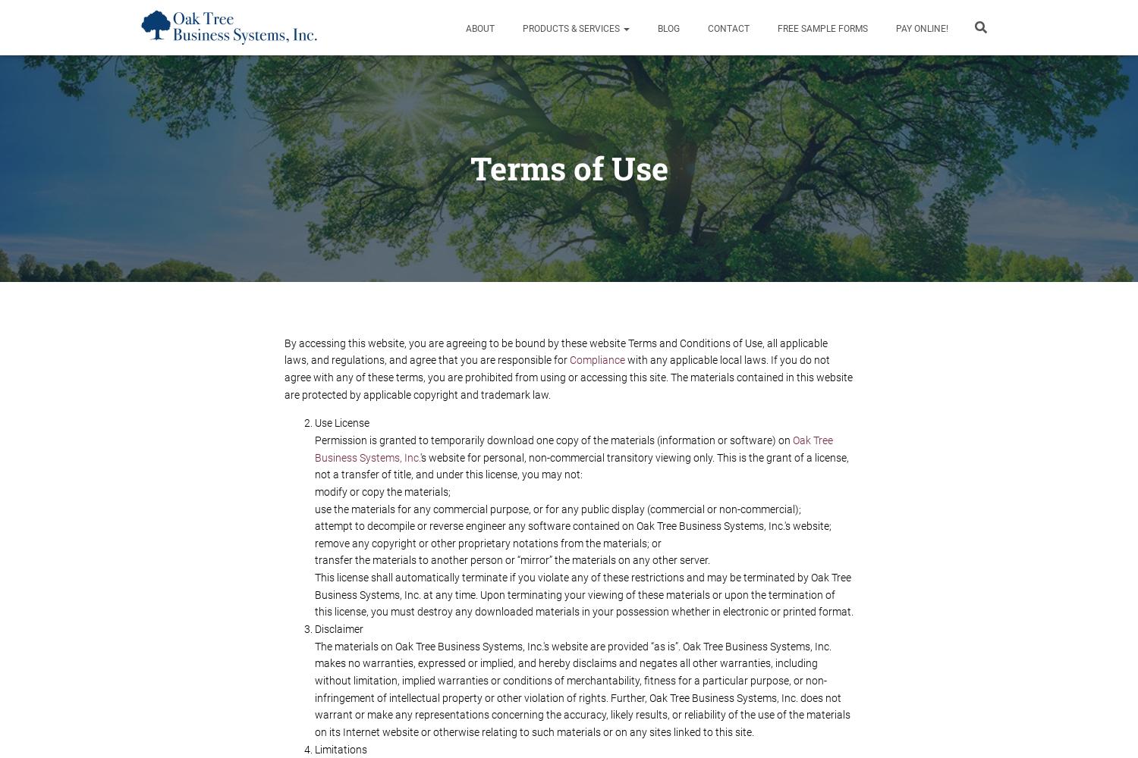 This screenshot has width=1138, height=758. I want to click on 'Limitations', so click(340, 748).